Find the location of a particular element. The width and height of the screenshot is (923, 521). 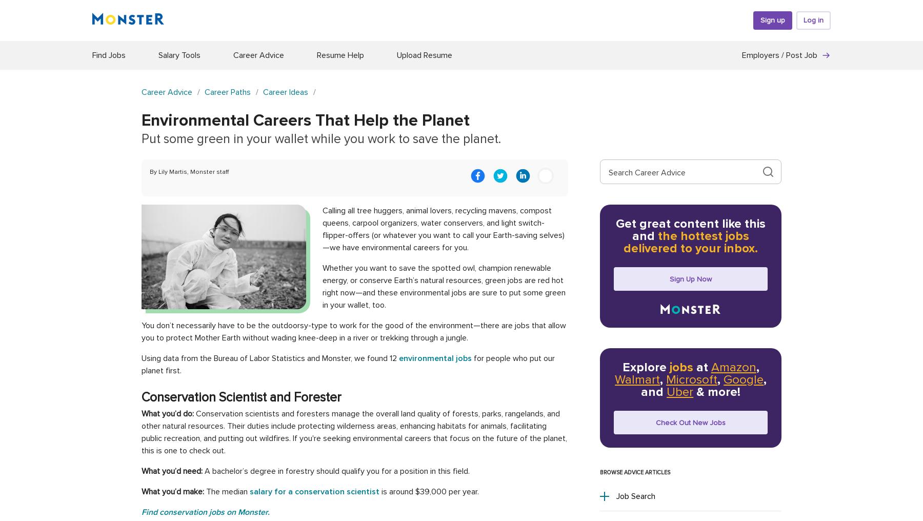

'Calling all tree huggers, animal lovers, recycling mavens, compost queens, carpool organizers, water conservers, and light switch-flipper-offers (or whatever you want to call your Earth-saving selves)—we have environmental careers for you.' is located at coordinates (444, 229).